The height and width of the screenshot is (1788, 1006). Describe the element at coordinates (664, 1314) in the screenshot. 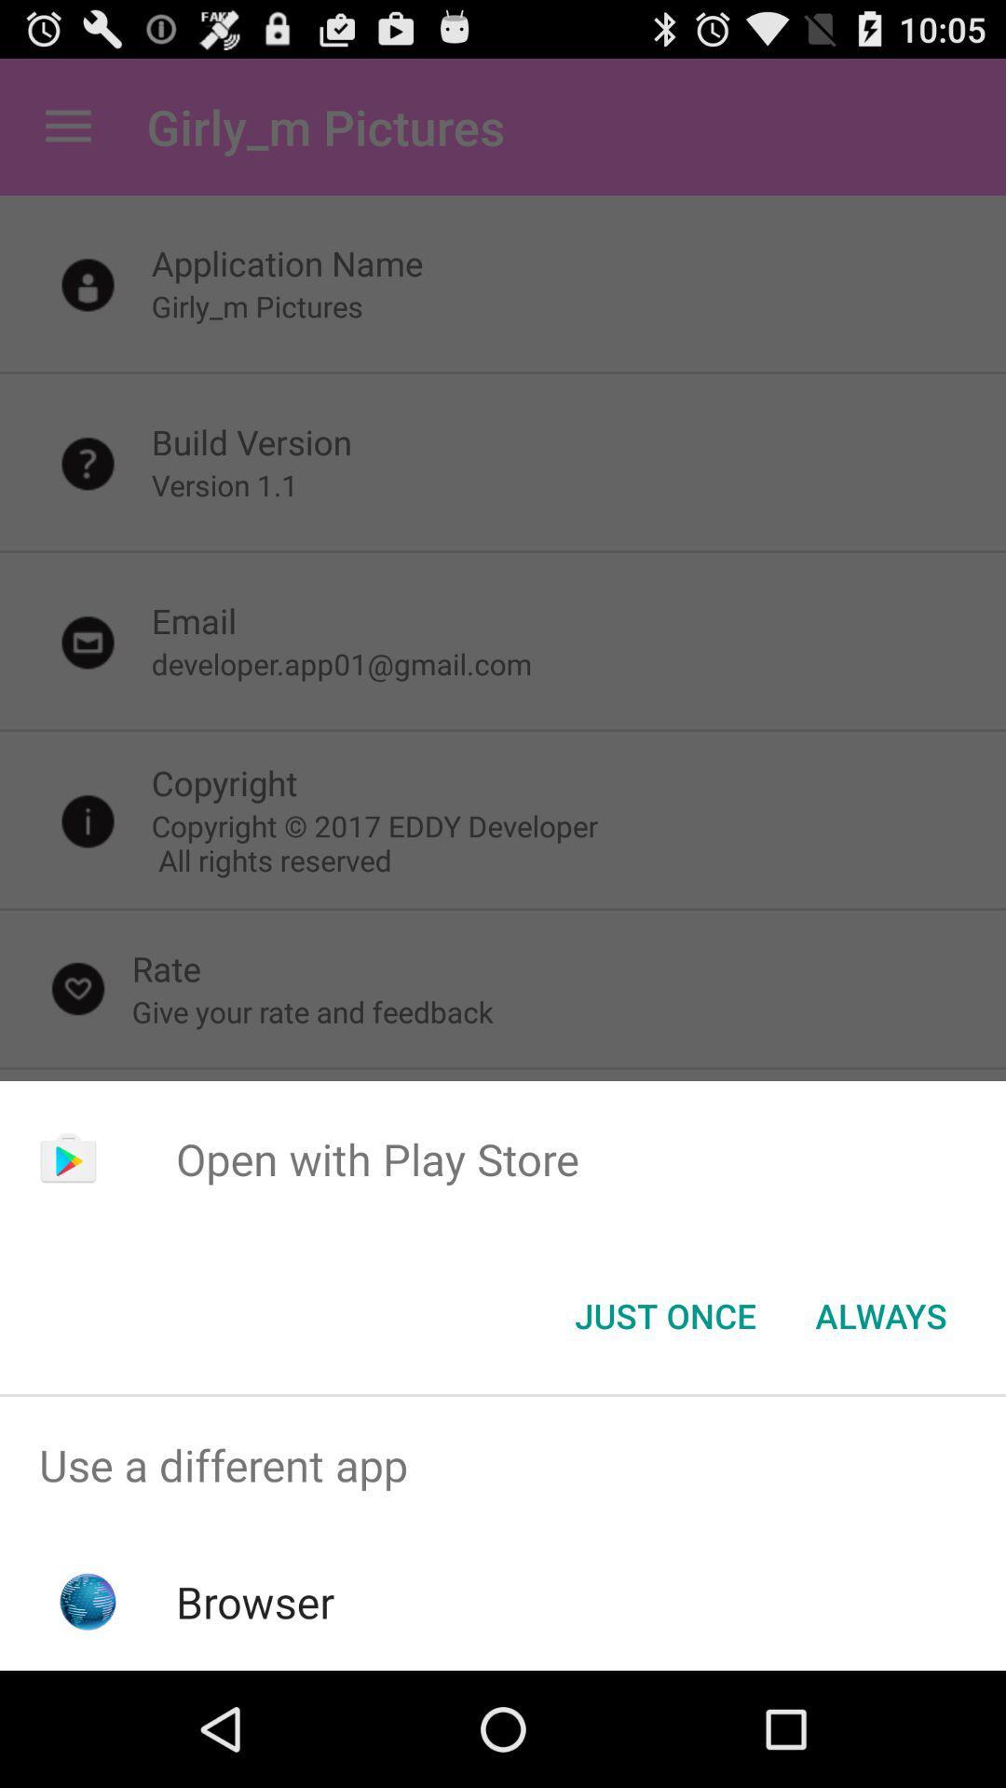

I see `the just once button` at that location.